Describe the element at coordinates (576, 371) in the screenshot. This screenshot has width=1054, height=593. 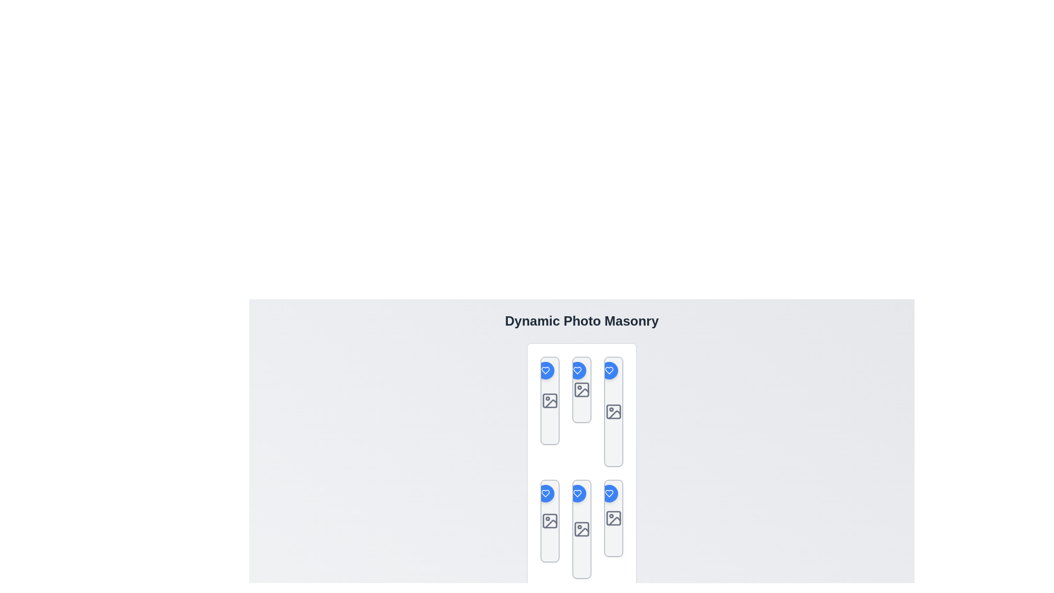
I see `the button in the top-right corner of the card` at that location.